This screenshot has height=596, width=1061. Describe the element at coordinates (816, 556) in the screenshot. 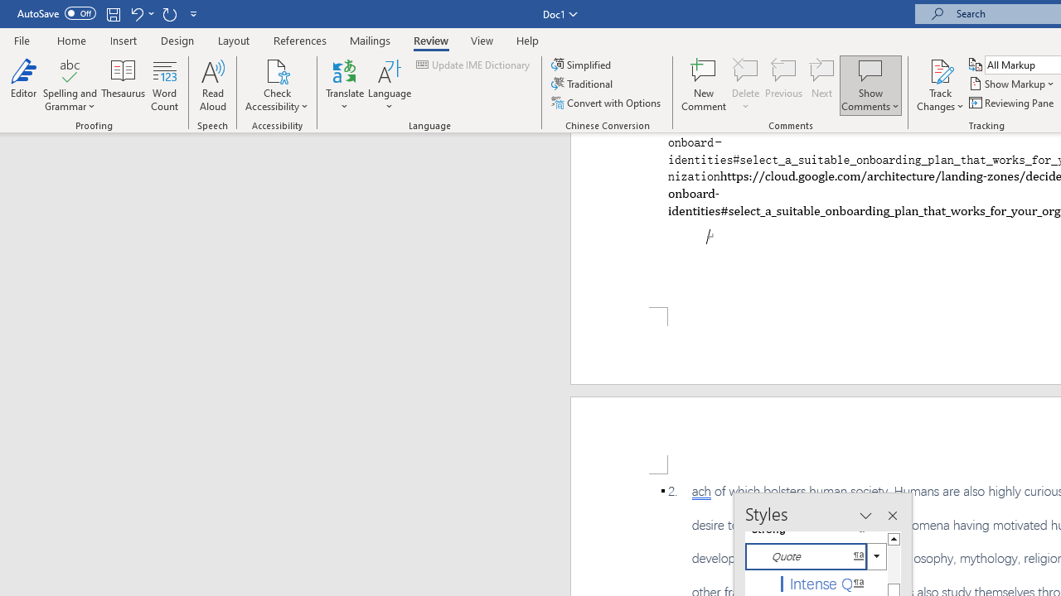

I see `'Quote'` at that location.